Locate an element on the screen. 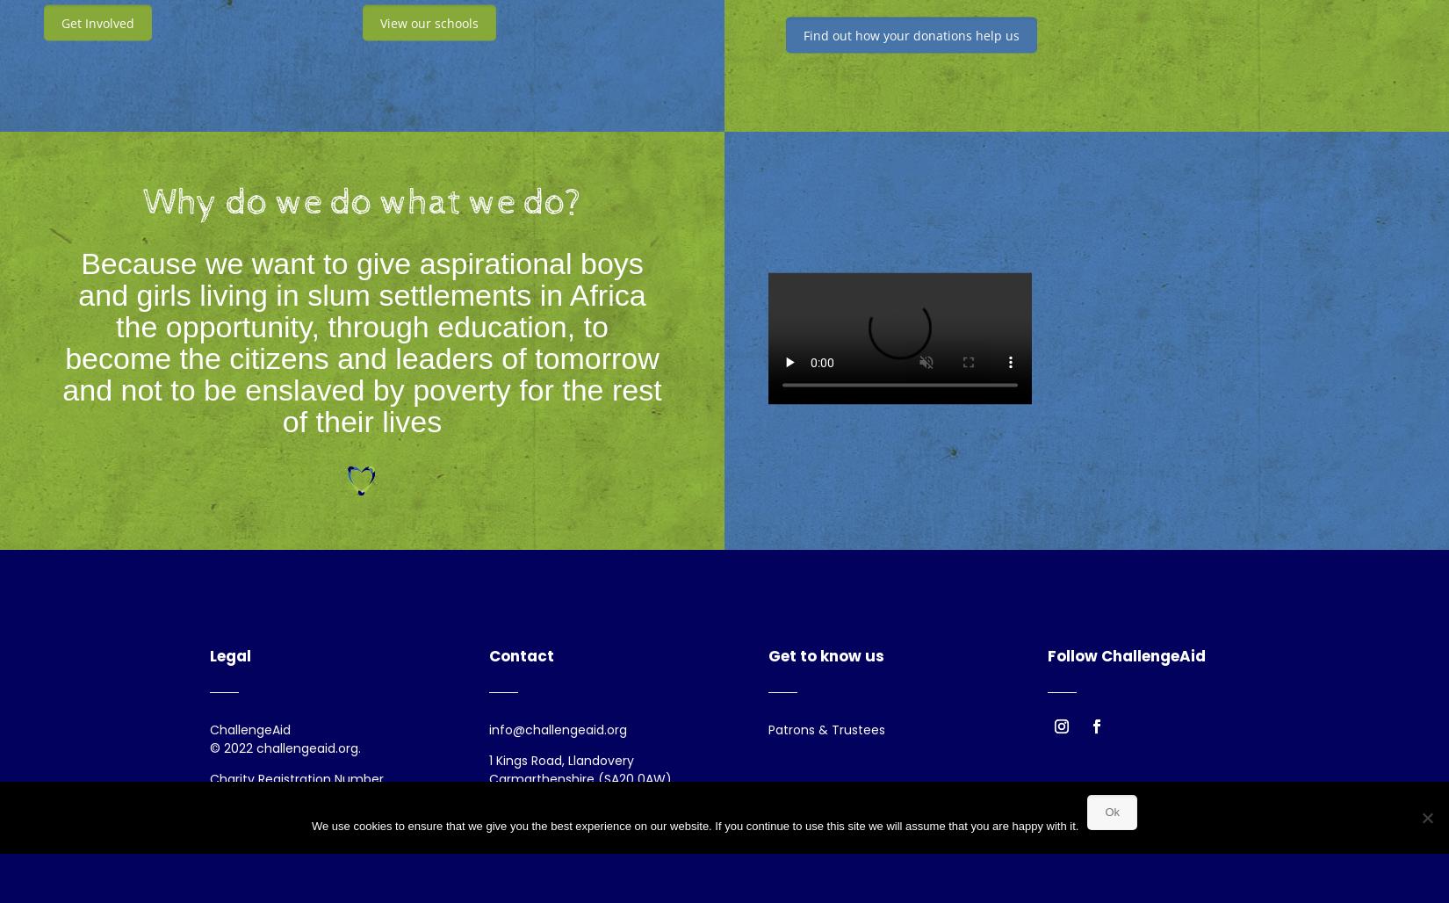 Image resolution: width=1449 pixels, height=903 pixels. 'Charity Registration Number 1109055' is located at coordinates (296, 787).